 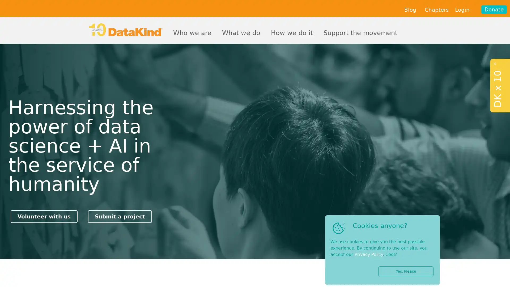 What do you see at coordinates (436, 10) in the screenshot?
I see `Chapters` at bounding box center [436, 10].